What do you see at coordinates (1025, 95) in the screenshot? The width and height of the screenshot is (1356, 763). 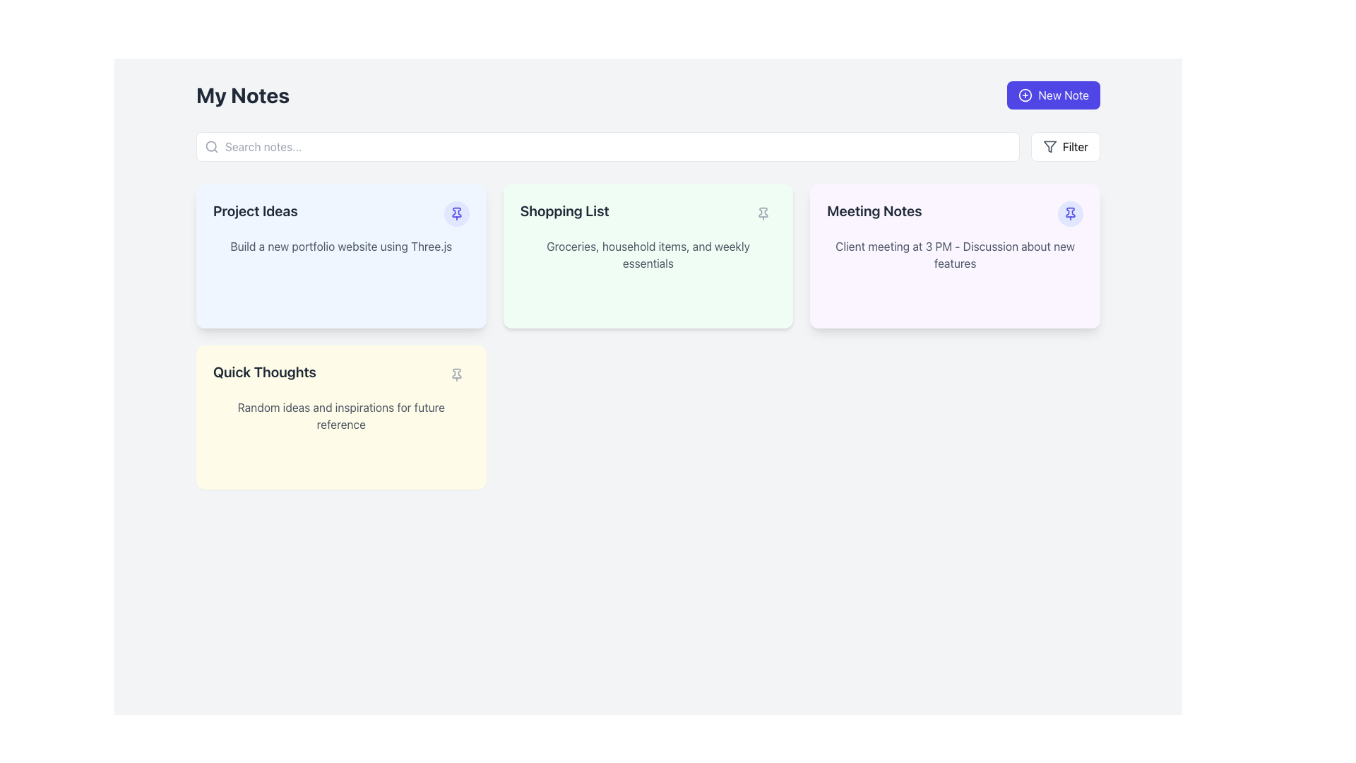 I see `the decorative graphical circle element located at the far top-right of the interface, next to the 'New Note' button` at bounding box center [1025, 95].